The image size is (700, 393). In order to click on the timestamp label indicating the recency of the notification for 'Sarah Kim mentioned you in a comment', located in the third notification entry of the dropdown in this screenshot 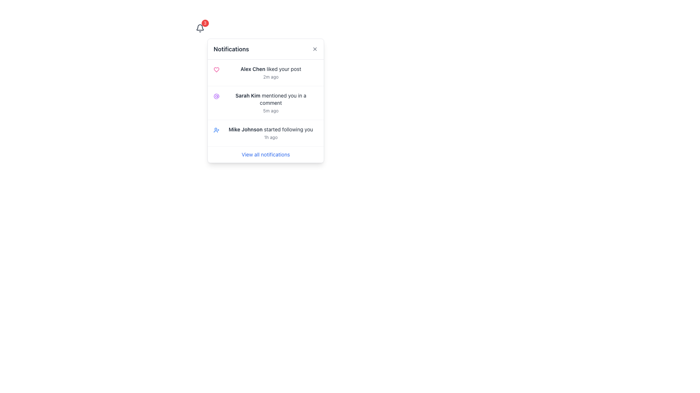, I will do `click(271, 111)`.